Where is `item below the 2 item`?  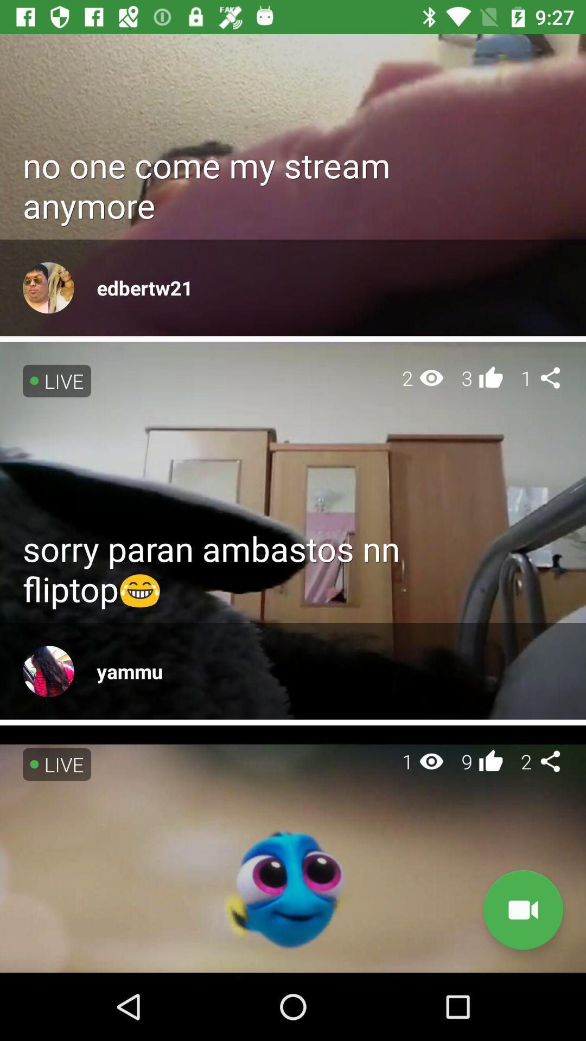
item below the 2 item is located at coordinates (523, 910).